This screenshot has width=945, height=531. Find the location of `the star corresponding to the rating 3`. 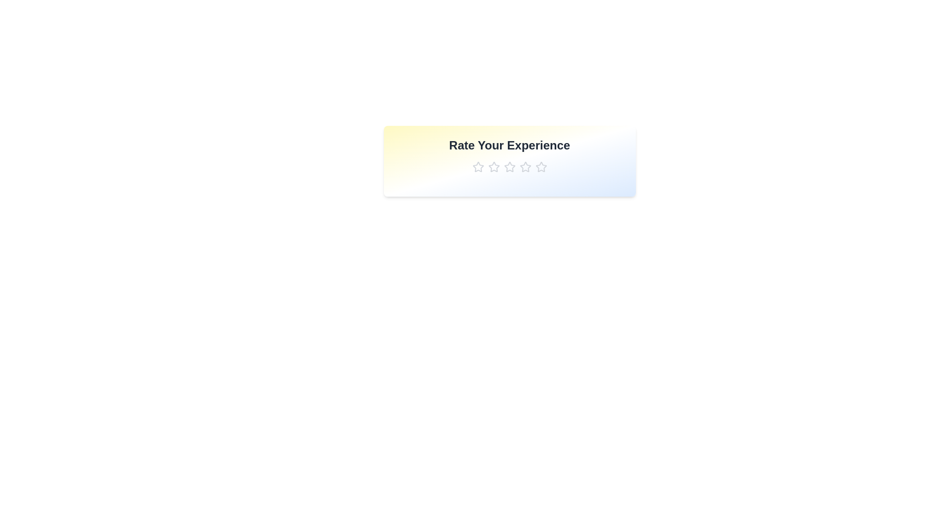

the star corresponding to the rating 3 is located at coordinates (509, 166).